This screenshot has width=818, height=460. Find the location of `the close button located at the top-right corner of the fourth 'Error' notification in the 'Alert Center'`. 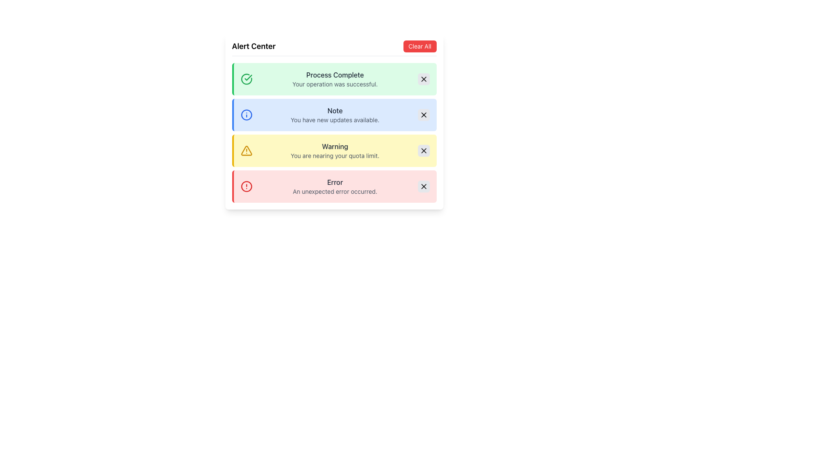

the close button located at the top-right corner of the fourth 'Error' notification in the 'Alert Center' is located at coordinates (423, 186).